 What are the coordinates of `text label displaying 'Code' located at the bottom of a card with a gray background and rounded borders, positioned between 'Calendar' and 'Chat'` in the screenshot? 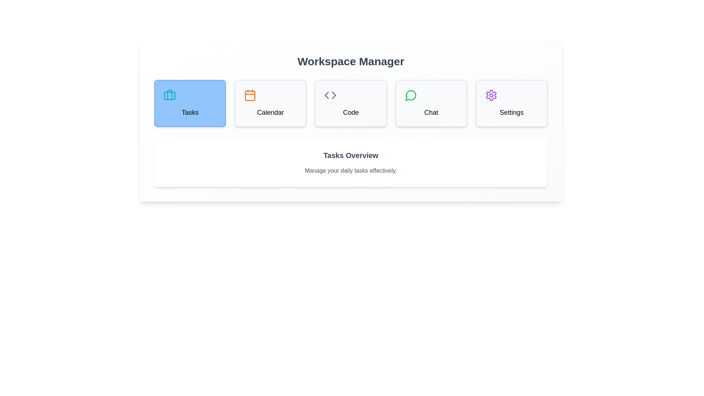 It's located at (350, 113).